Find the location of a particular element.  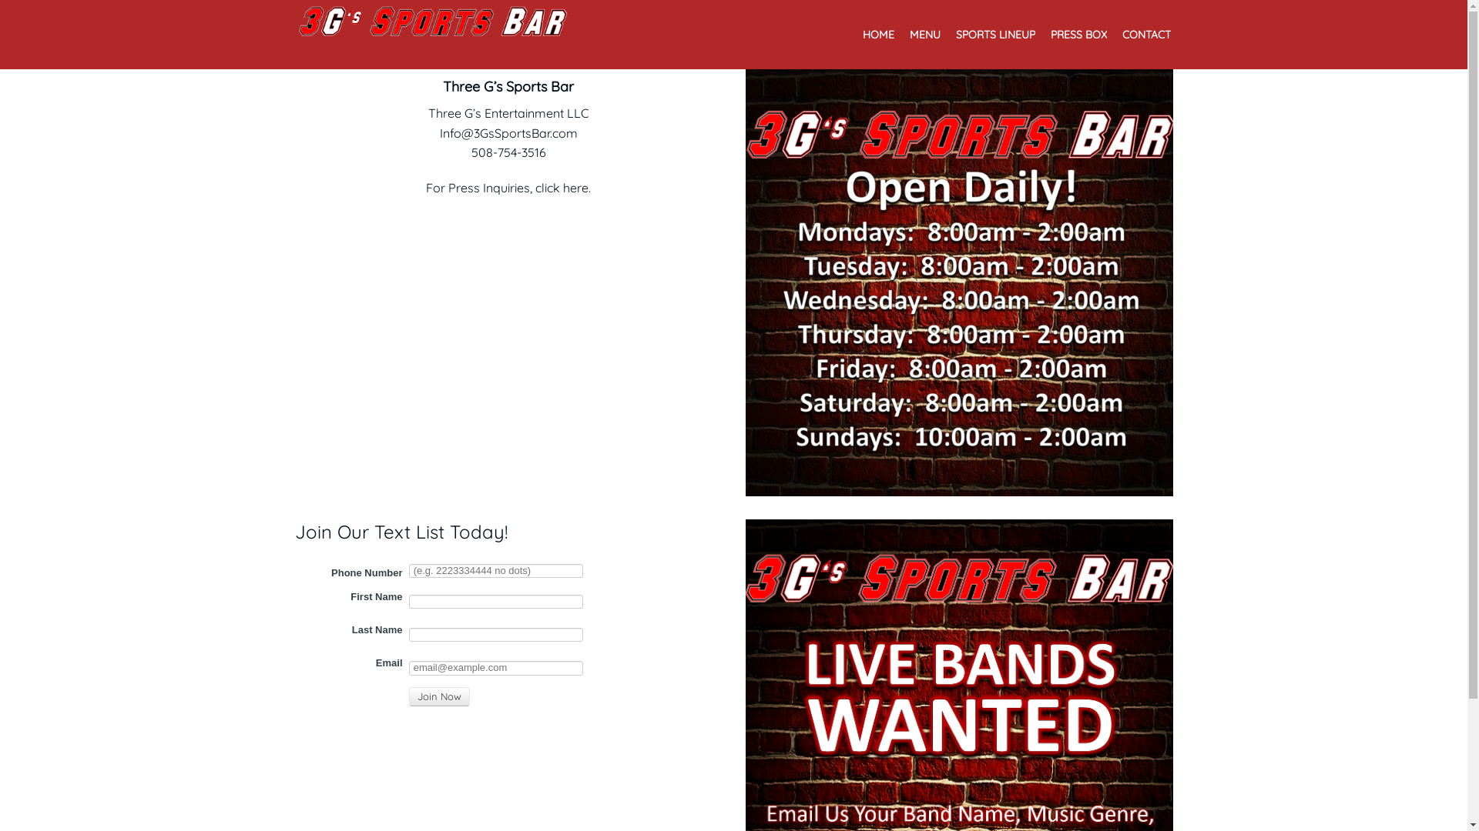

'SPORTS LINEUP' is located at coordinates (994, 38).